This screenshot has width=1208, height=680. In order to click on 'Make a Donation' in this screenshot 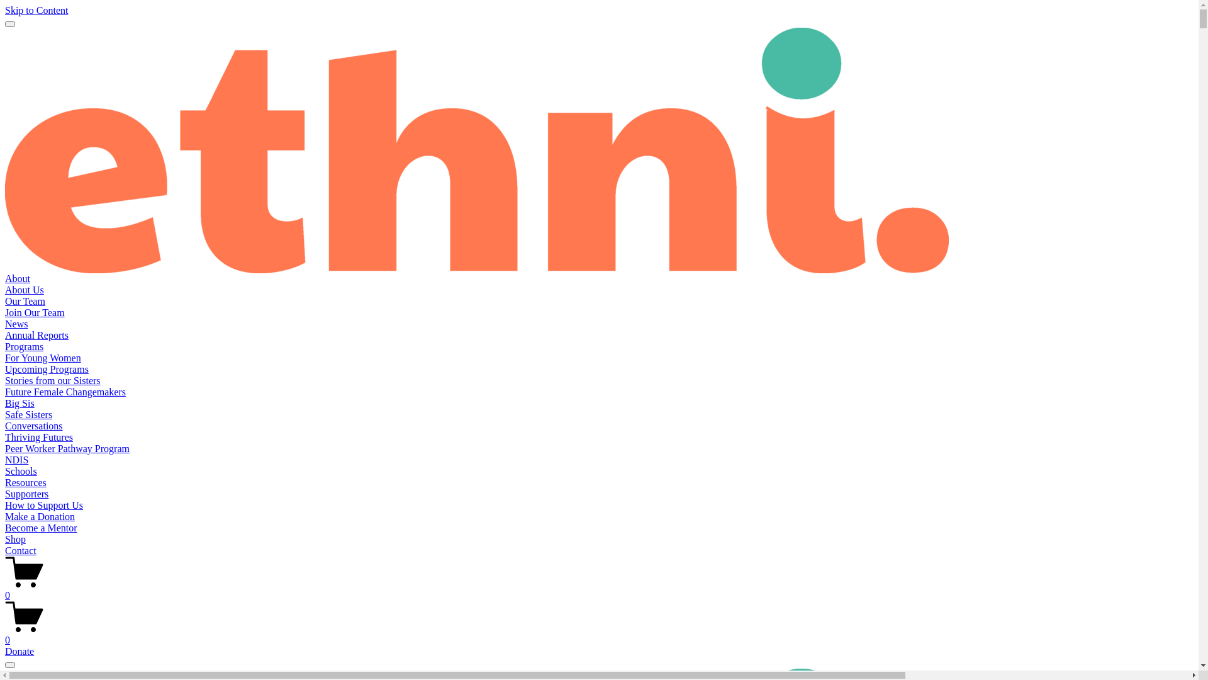, I will do `click(40, 516)`.